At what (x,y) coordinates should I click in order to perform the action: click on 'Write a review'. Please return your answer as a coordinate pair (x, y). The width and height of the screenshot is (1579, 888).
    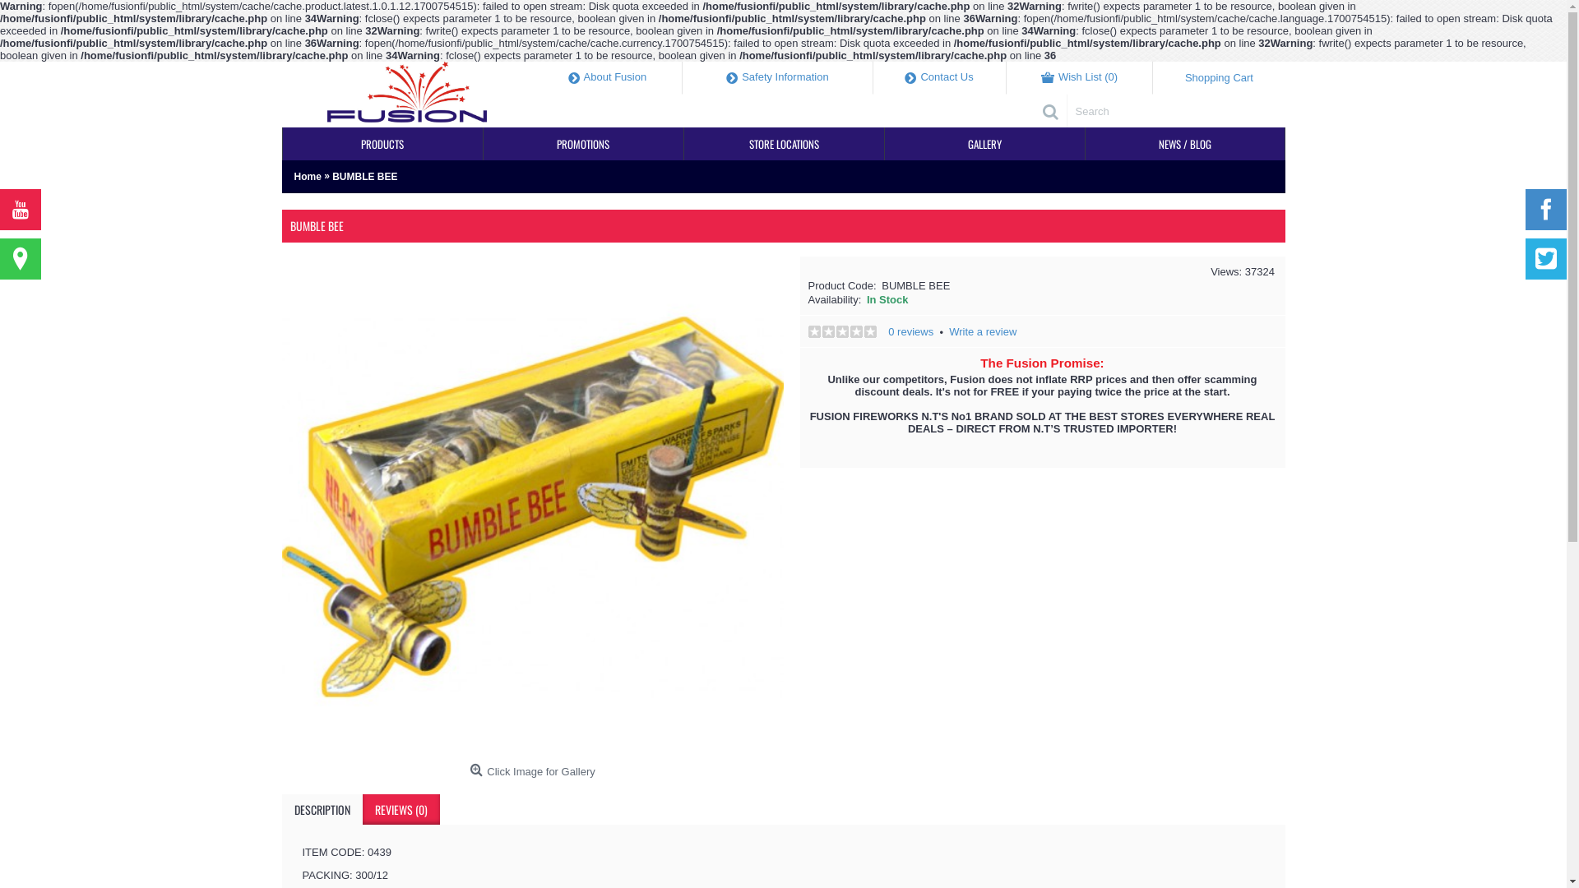
    Looking at the image, I should click on (983, 331).